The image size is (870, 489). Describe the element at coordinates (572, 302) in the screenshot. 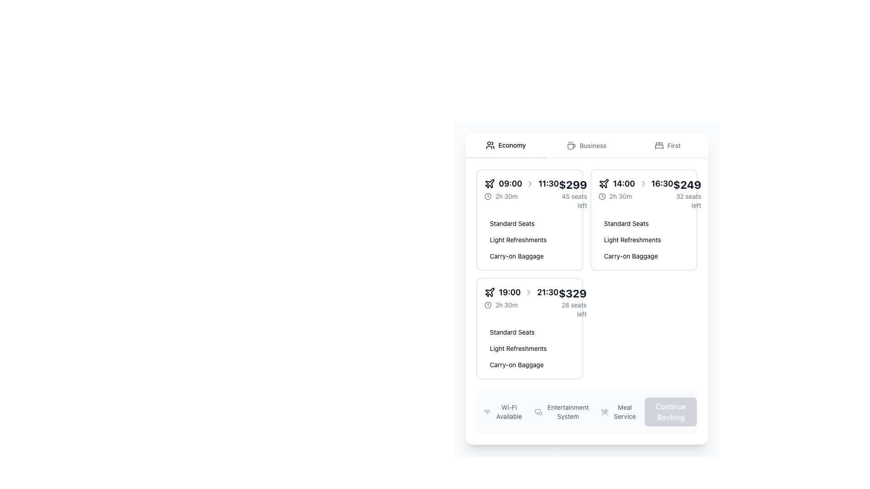

I see `data displayed in the Text block showing '$329' and '28 seats left' located in the lower-right corner of a list item within a grid layout` at that location.